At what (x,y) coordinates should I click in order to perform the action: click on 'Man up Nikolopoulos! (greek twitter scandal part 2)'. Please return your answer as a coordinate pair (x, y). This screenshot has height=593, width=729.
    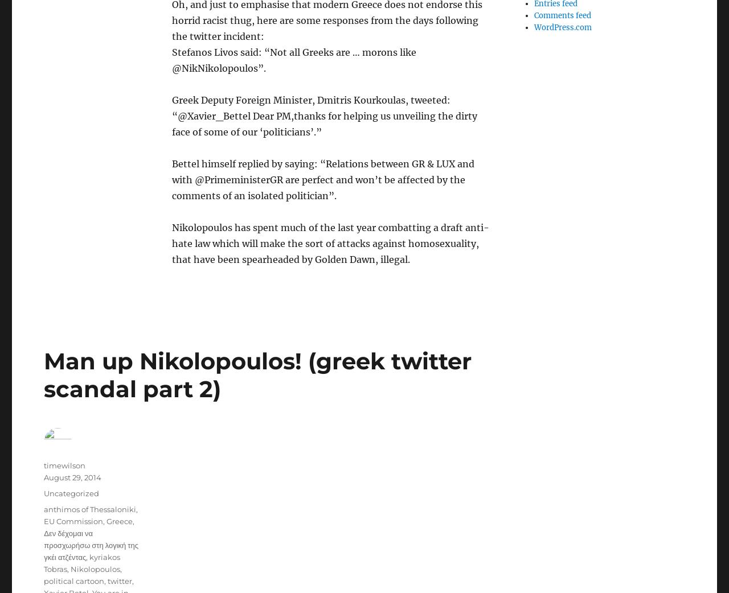
    Looking at the image, I should click on (257, 374).